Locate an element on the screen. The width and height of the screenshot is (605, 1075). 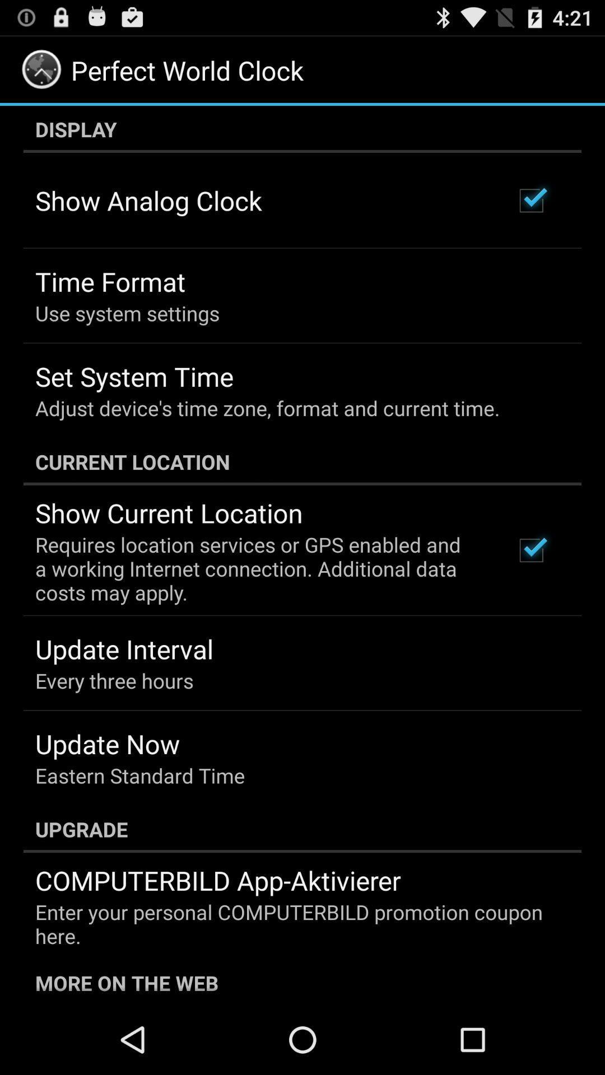
set system time is located at coordinates (133, 376).